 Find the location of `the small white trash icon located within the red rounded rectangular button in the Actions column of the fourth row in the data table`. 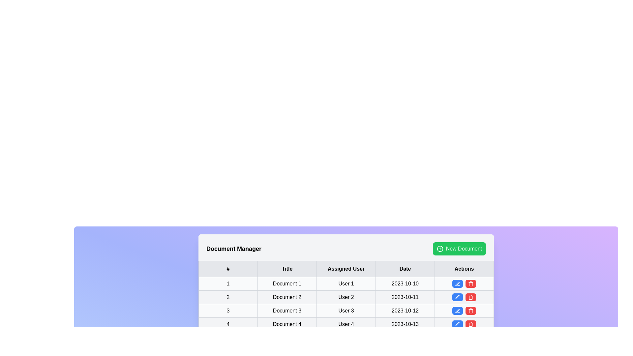

the small white trash icon located within the red rounded rectangular button in the Actions column of the fourth row in the data table is located at coordinates (470, 283).